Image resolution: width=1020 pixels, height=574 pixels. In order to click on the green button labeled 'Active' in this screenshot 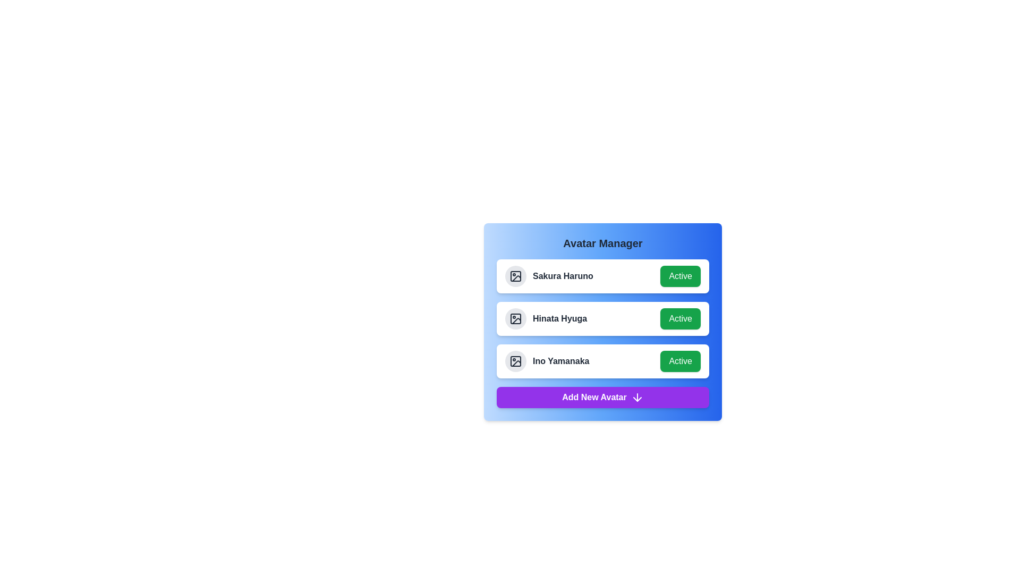, I will do `click(681, 276)`.